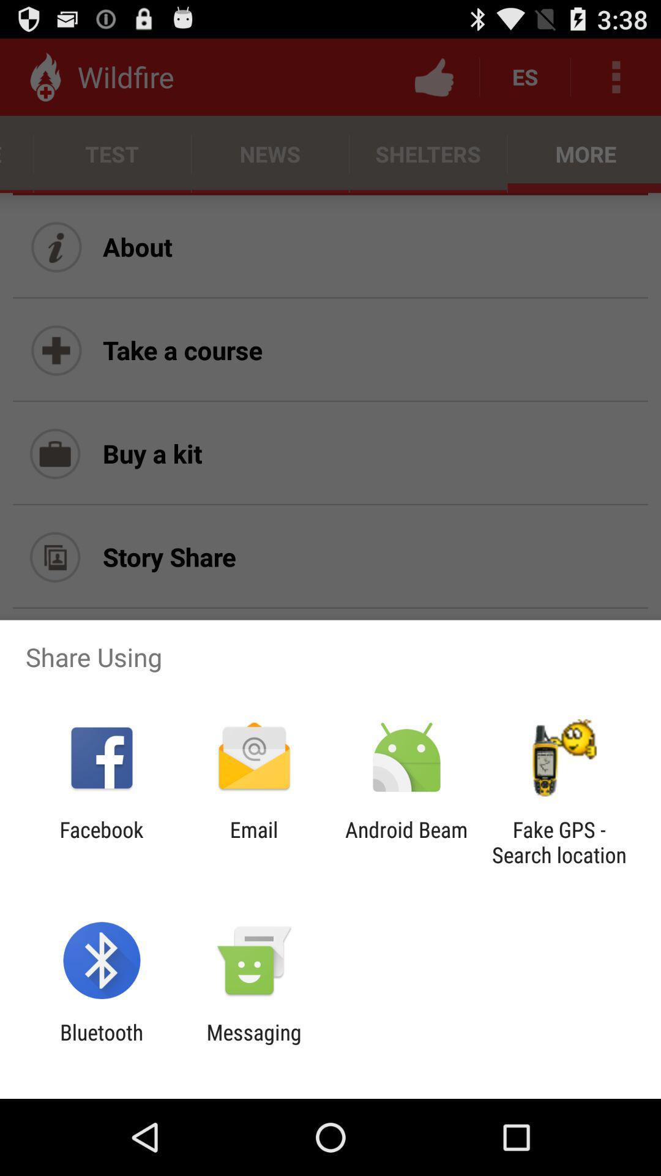  I want to click on the fake gps search, so click(559, 842).